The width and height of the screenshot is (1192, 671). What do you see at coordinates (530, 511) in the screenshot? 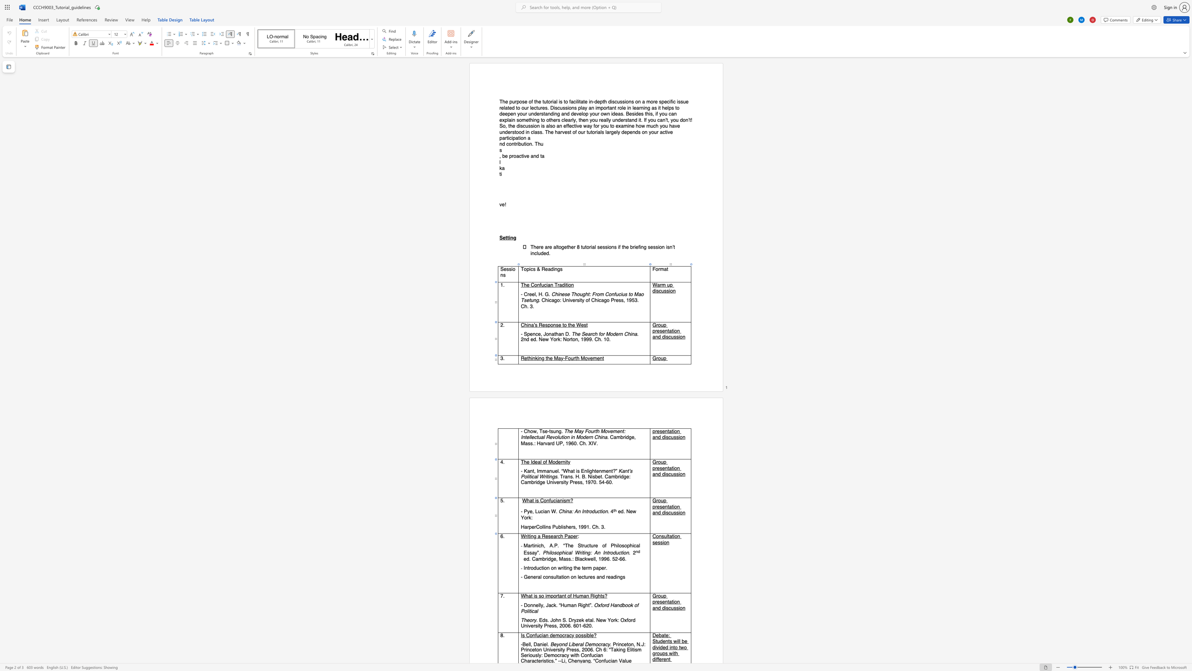
I see `the 1th character "e" in the text` at bounding box center [530, 511].